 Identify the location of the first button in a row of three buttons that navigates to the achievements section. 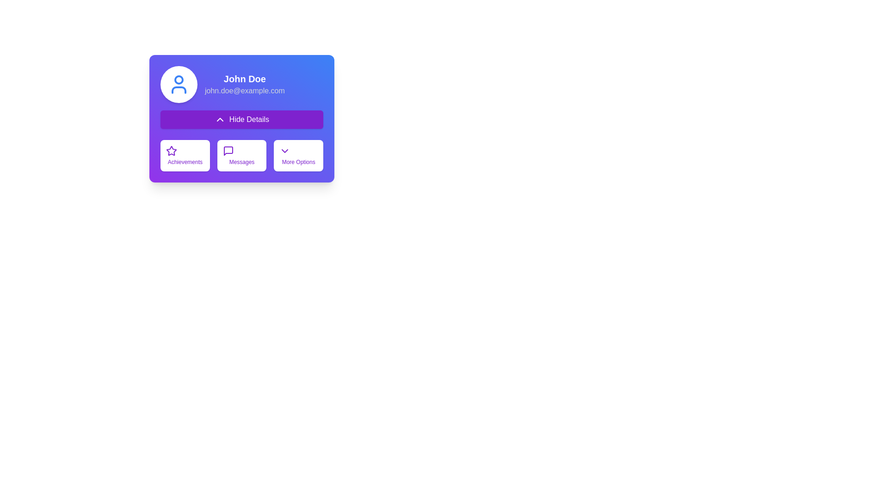
(185, 155).